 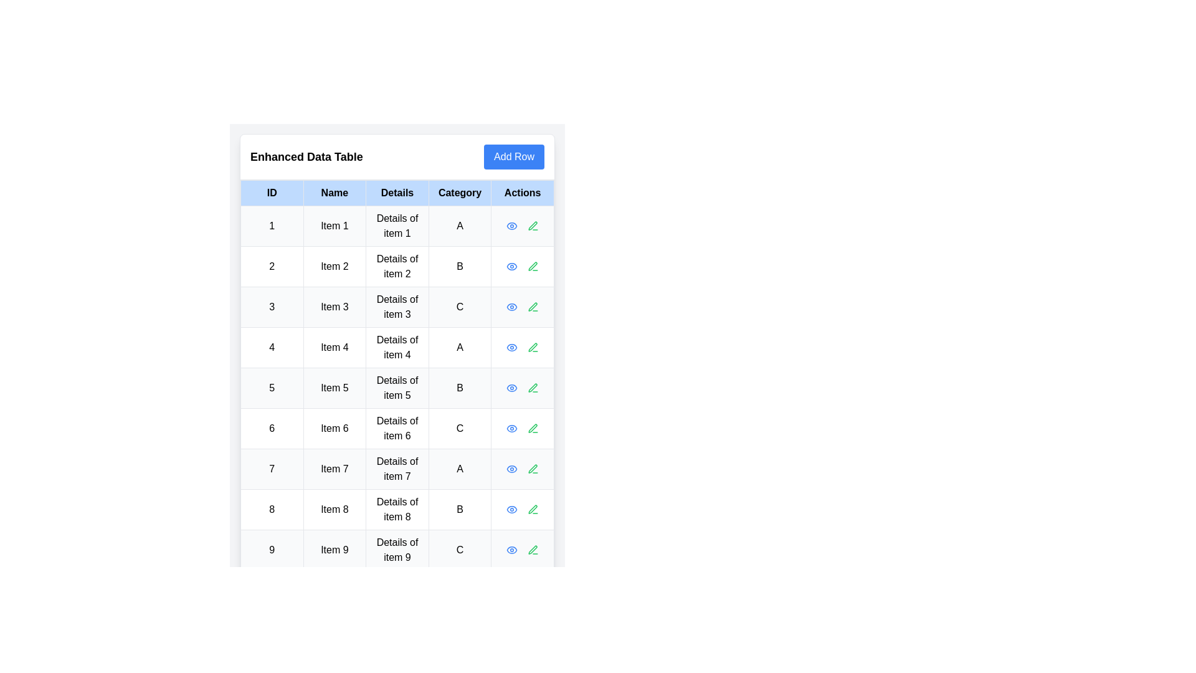 What do you see at coordinates (271, 469) in the screenshot?
I see `the text label displaying the number '7' in the 'ID' column of the seventh row of the table, which corresponds to 'Item 7'` at bounding box center [271, 469].